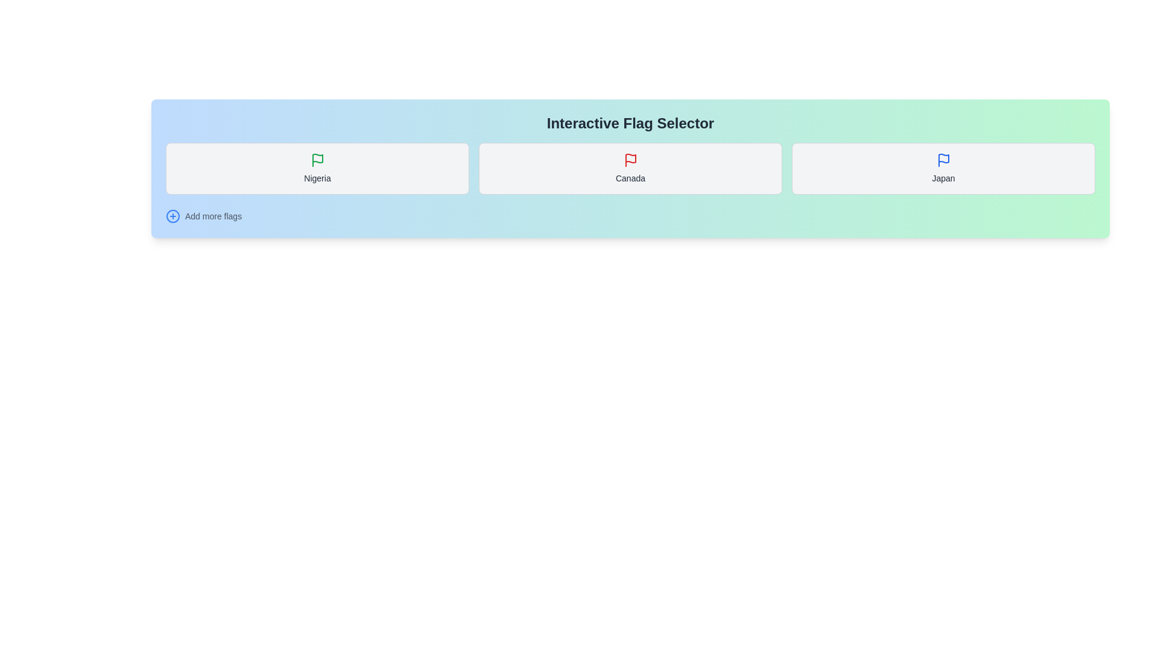 The height and width of the screenshot is (651, 1158). What do you see at coordinates (630, 169) in the screenshot?
I see `the flag corresponding to Canada` at bounding box center [630, 169].